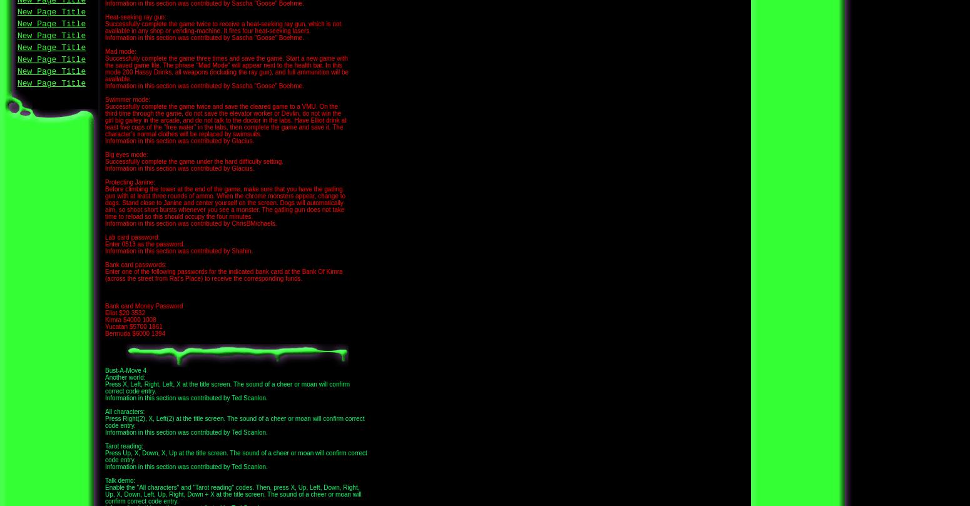  Describe the element at coordinates (133, 326) in the screenshot. I see `'Yucatan $5700 1861'` at that location.